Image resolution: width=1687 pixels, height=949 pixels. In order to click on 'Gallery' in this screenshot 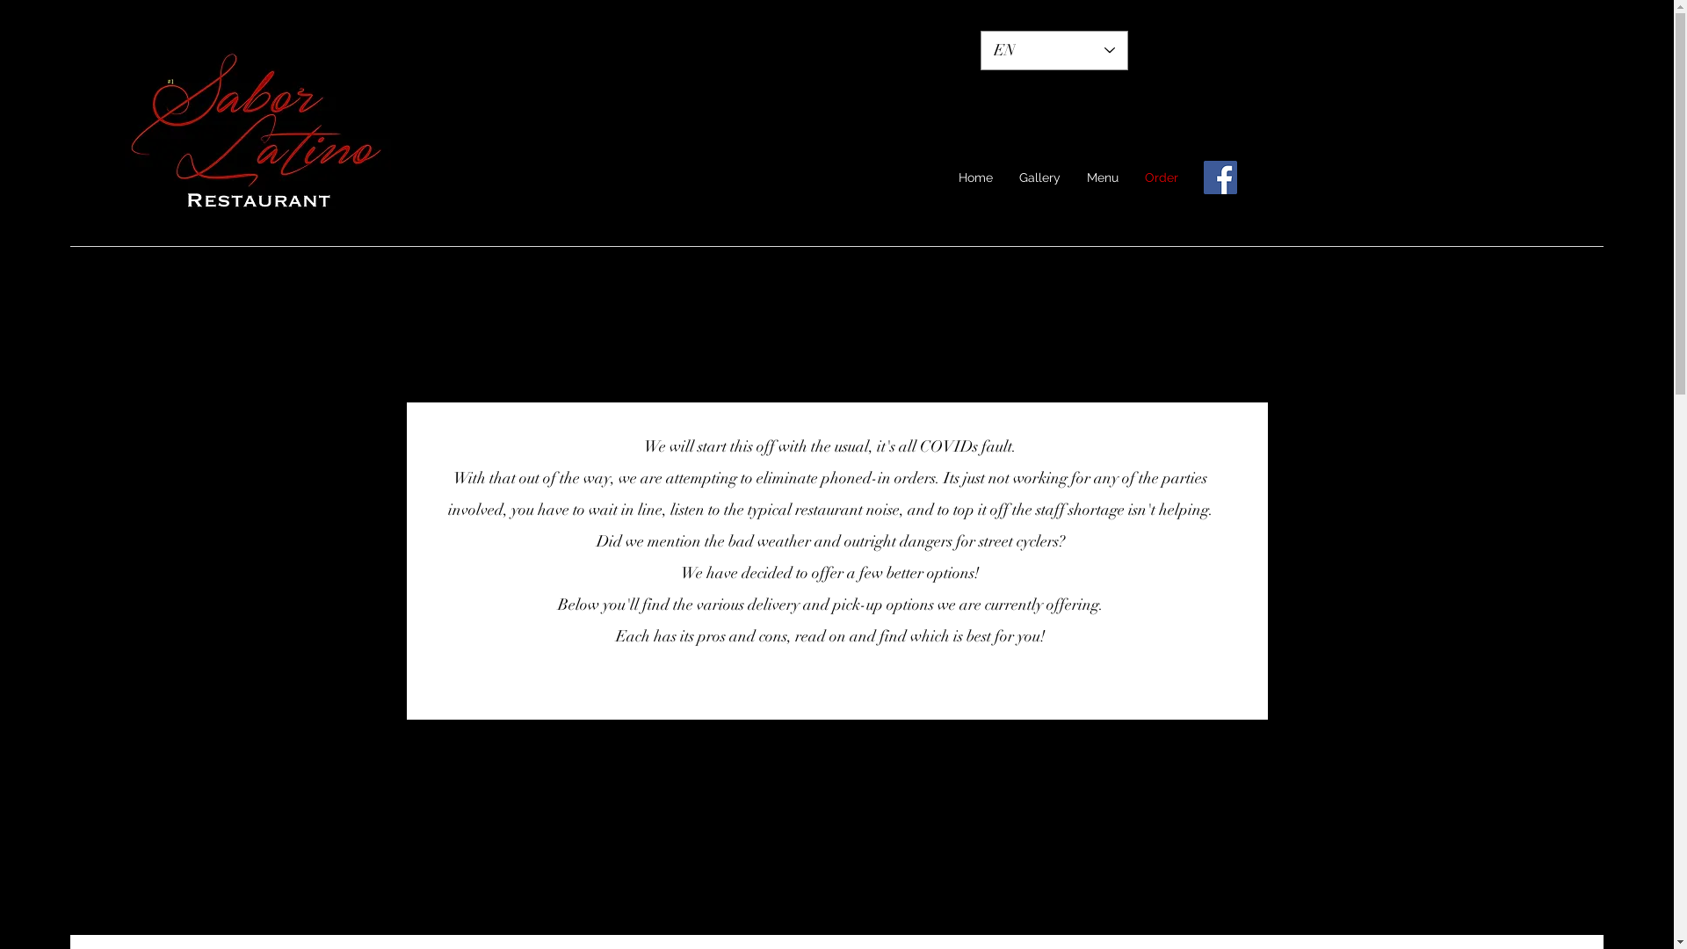, I will do `click(1039, 177)`.